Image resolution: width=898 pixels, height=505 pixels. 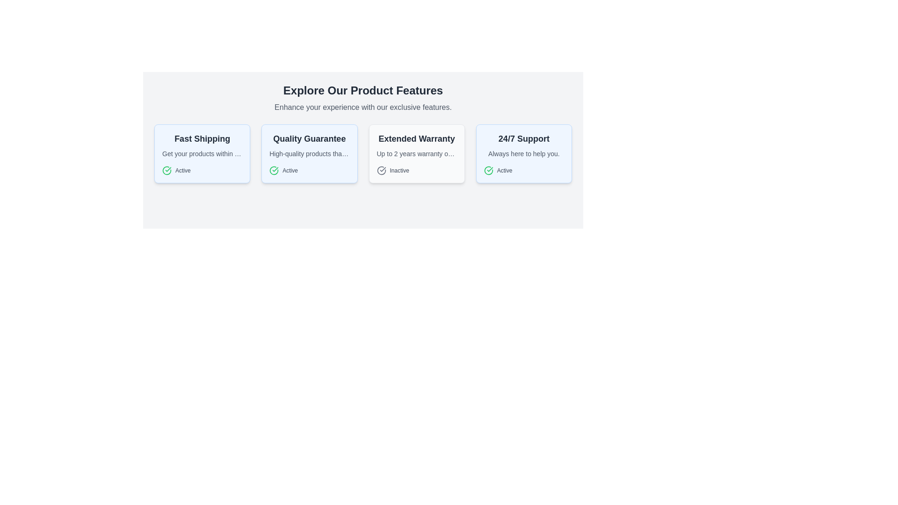 What do you see at coordinates (202, 139) in the screenshot?
I see `the 'Fast Shipping' text element located in the upper section of the first feature card from the left, despite it being marked as non-interactive` at bounding box center [202, 139].